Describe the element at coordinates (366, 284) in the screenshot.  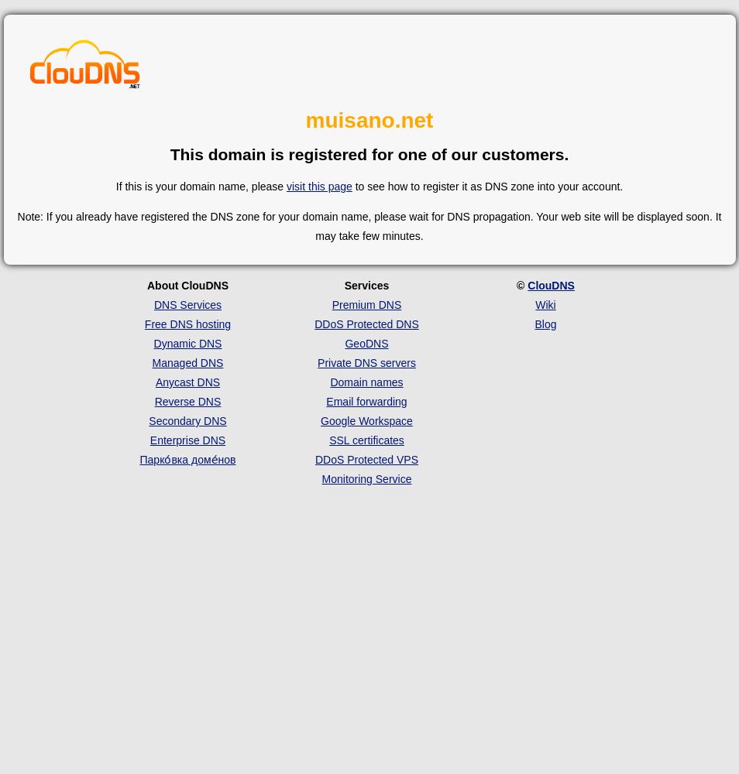
I see `'Services'` at that location.